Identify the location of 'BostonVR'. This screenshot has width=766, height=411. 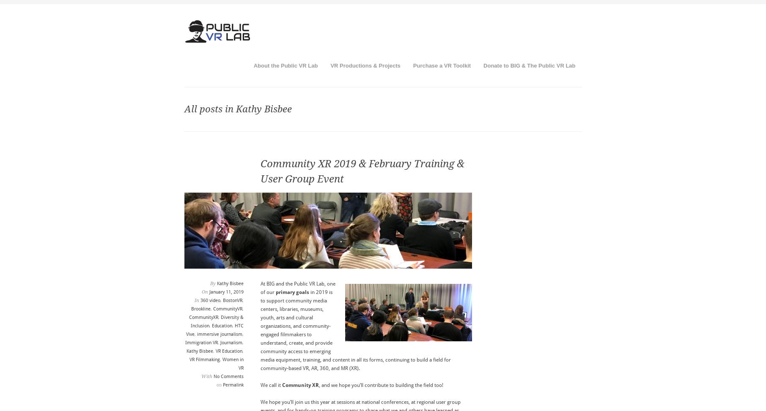
(231, 300).